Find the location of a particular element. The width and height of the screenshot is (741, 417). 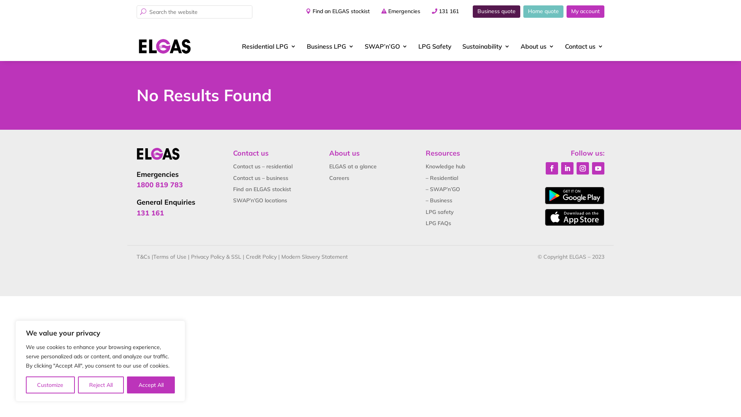

'Business LPG' is located at coordinates (330, 46).